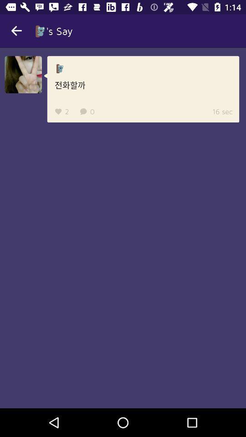  I want to click on the arrow_backward icon, so click(16, 31).